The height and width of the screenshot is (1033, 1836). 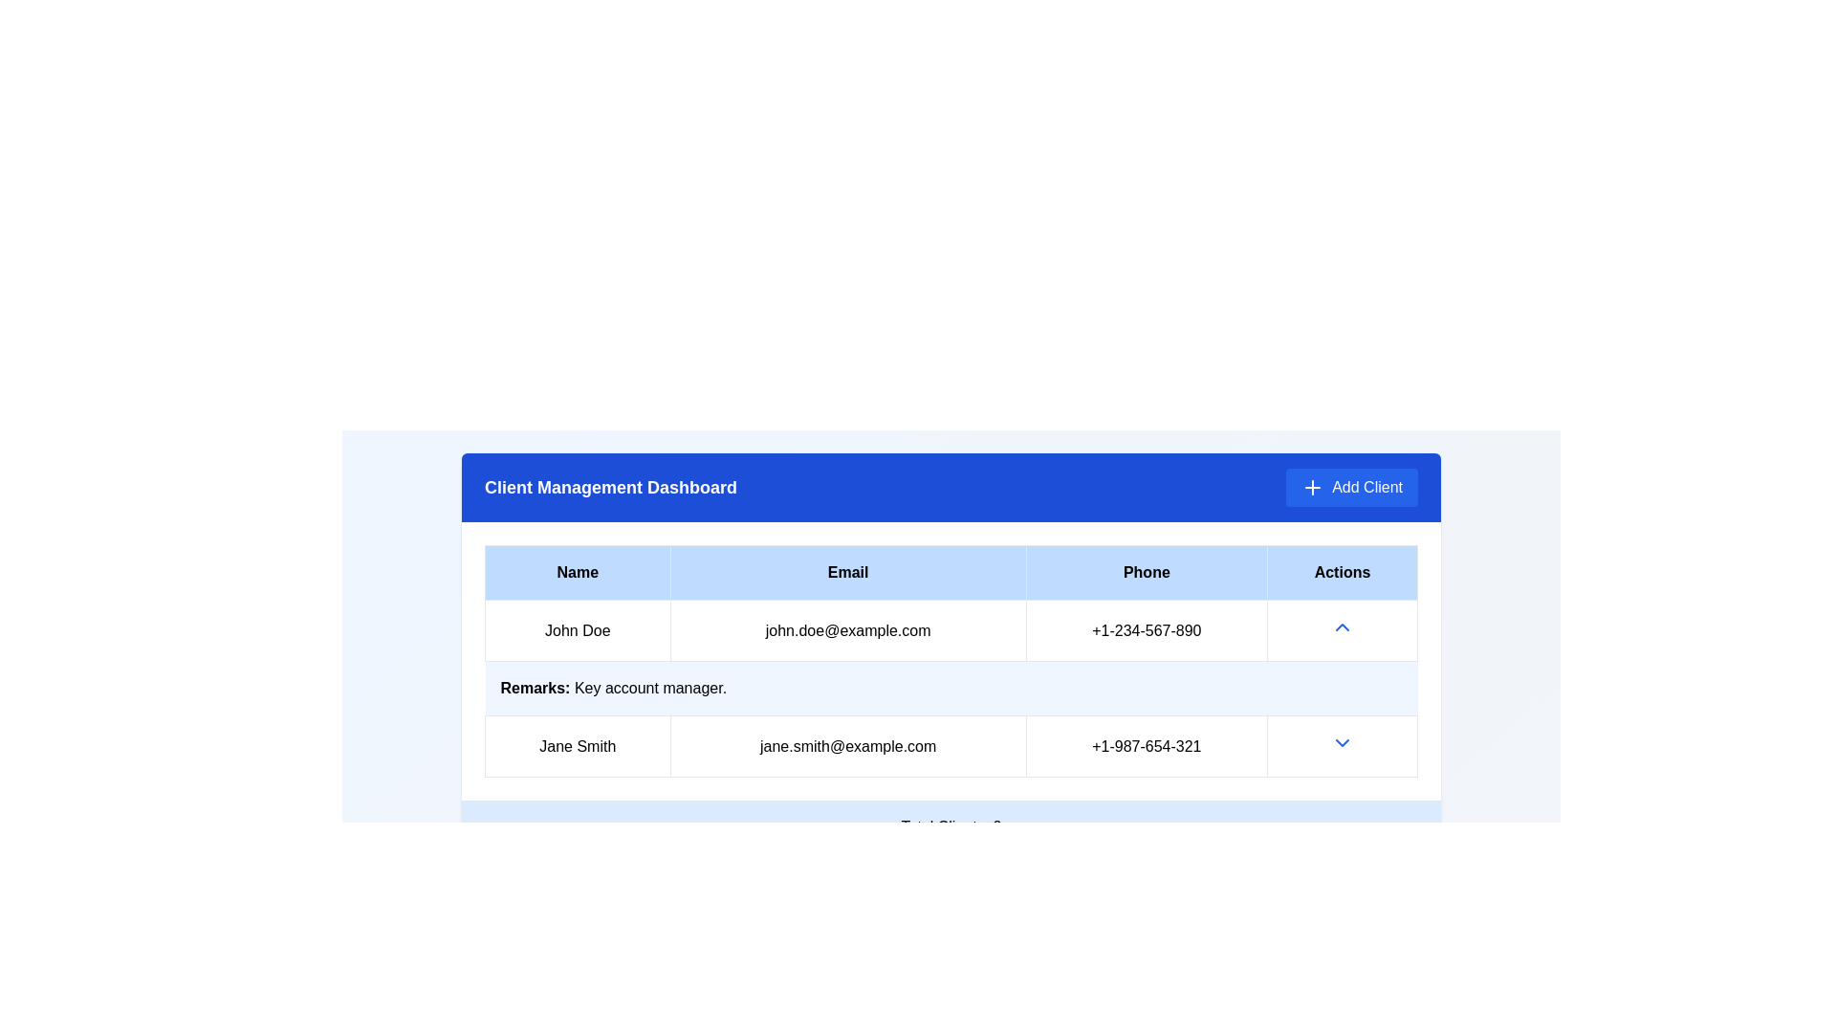 I want to click on the plus icon located to the left of the 'Add Client' text at the top right corner of the page, so click(x=1312, y=486).